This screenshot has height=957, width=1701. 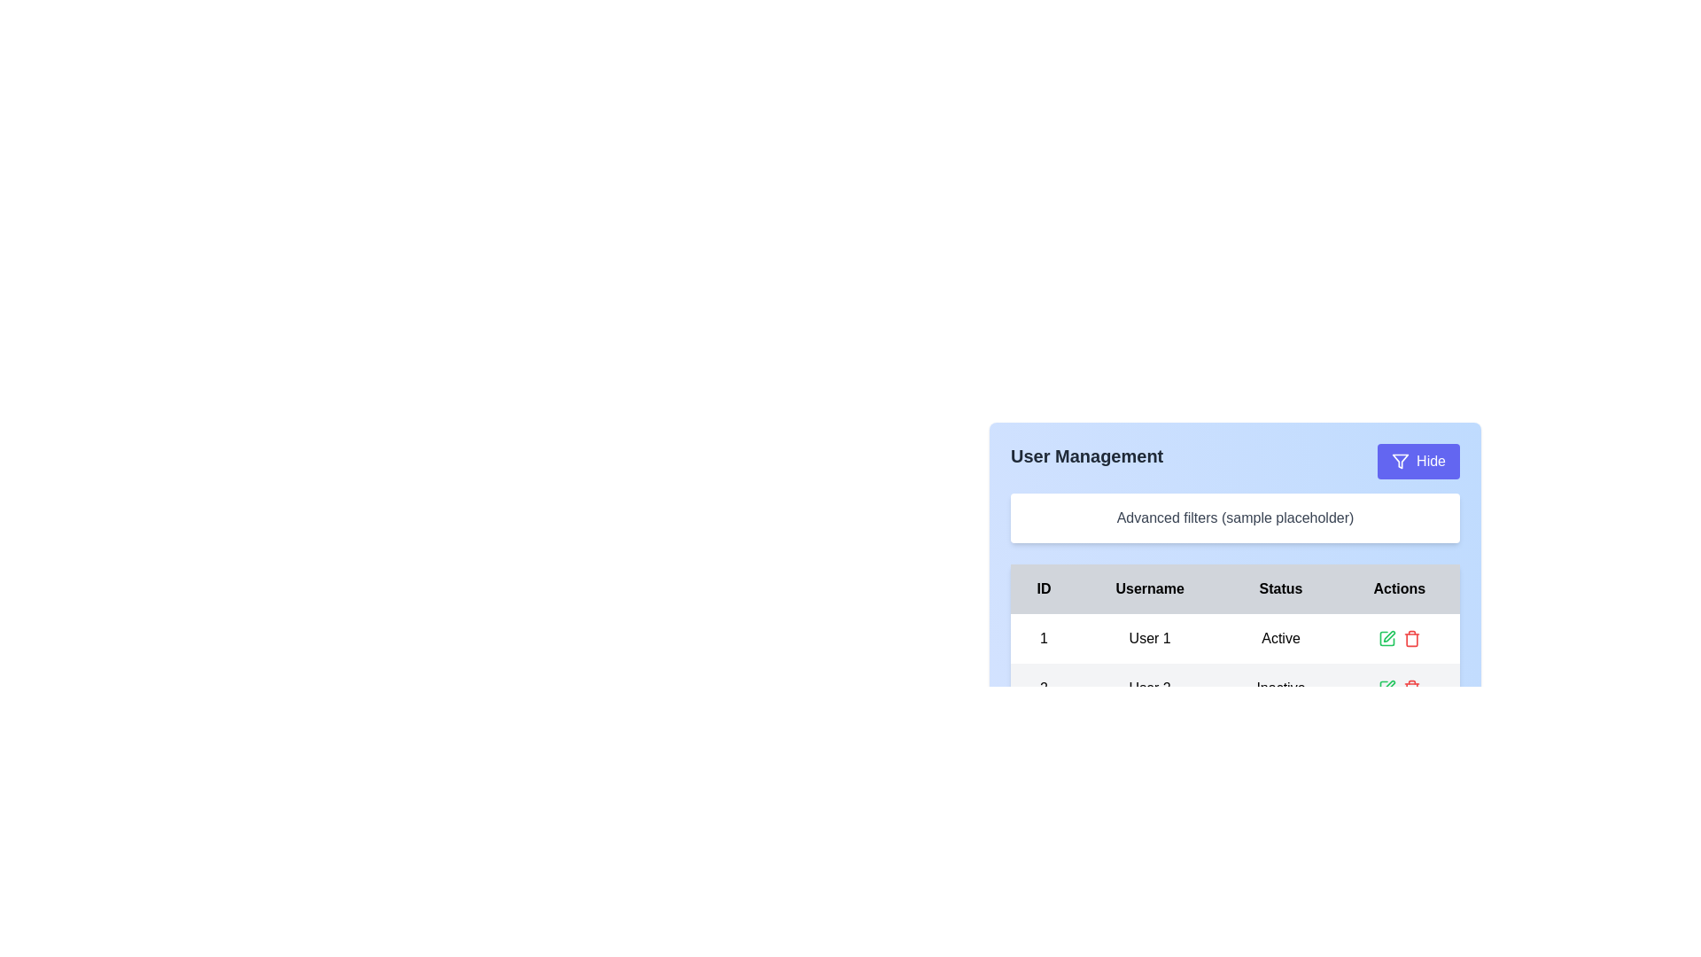 I want to click on the red delete icon in the Actions column of the first row of the user management table, so click(x=1398, y=639).